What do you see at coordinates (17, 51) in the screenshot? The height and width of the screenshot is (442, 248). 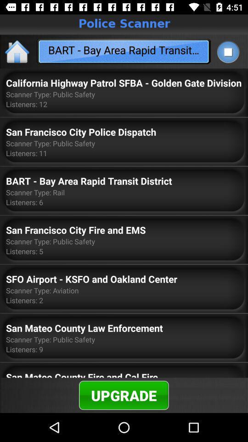 I see `app next to the bart bay area` at bounding box center [17, 51].